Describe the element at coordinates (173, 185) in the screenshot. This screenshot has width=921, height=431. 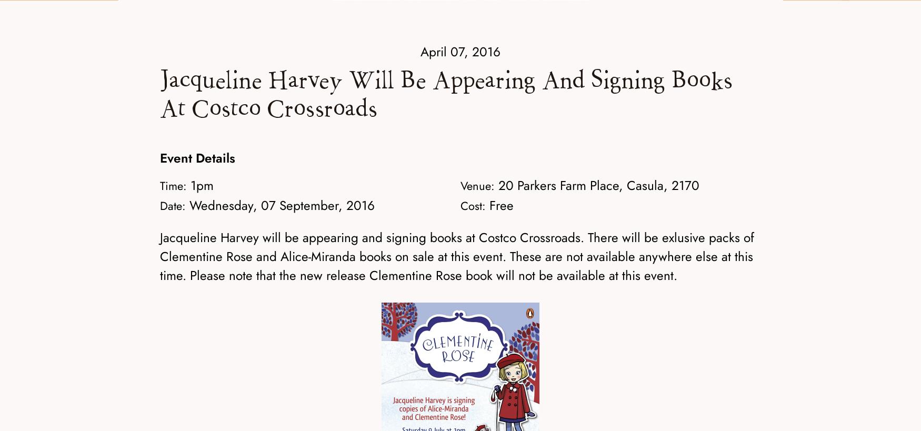
I see `'Time:'` at that location.